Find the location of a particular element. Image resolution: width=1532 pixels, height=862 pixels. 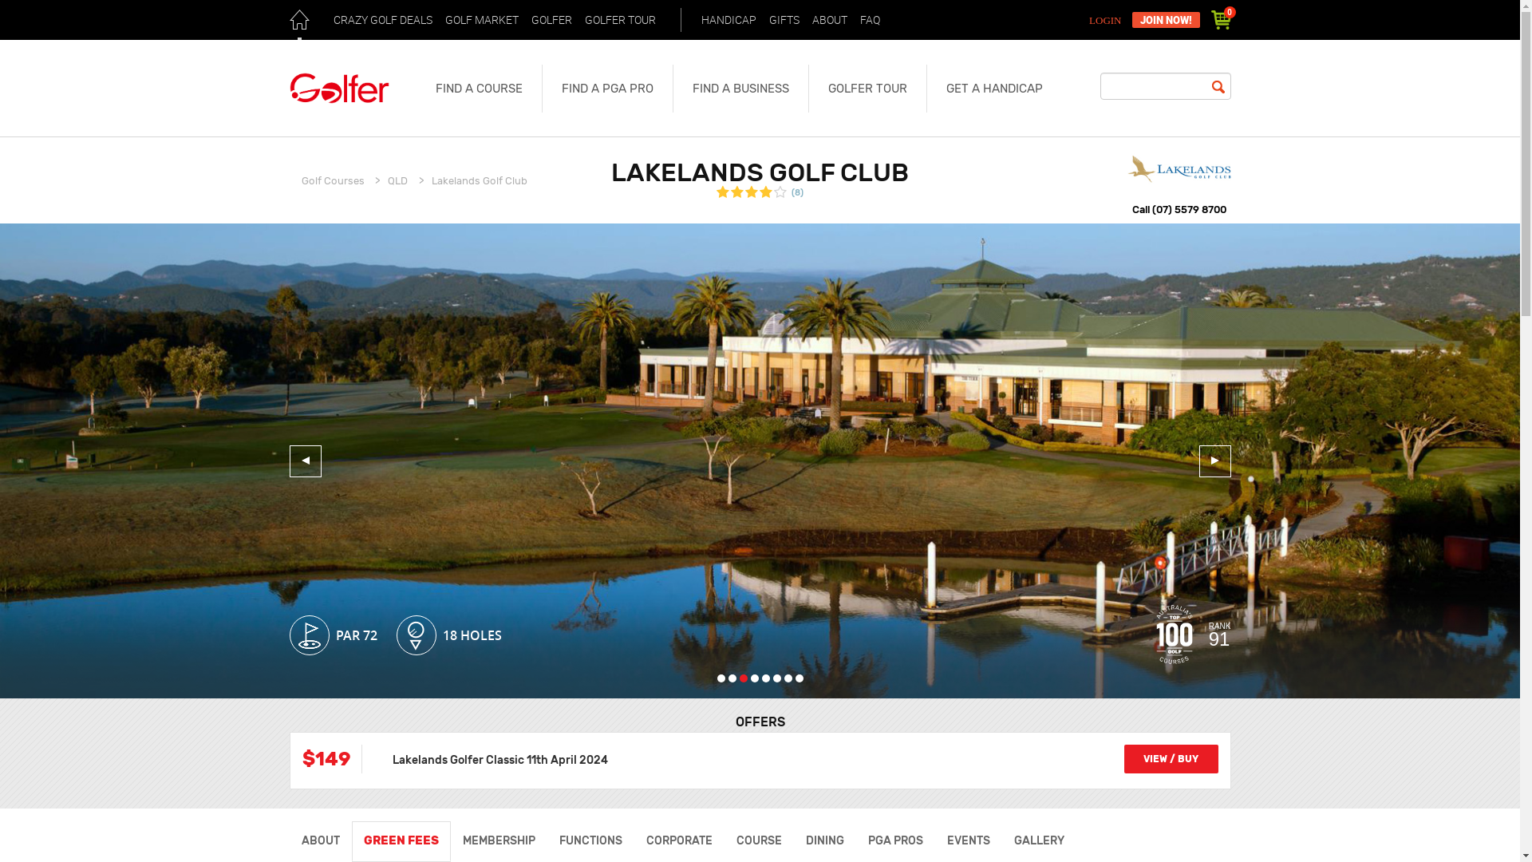

'FIND A BUSINESS' is located at coordinates (739, 89).